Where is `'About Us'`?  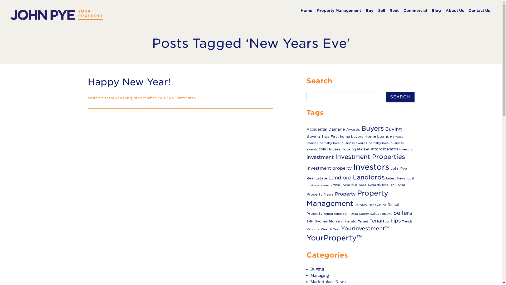 'About Us' is located at coordinates (454, 10).